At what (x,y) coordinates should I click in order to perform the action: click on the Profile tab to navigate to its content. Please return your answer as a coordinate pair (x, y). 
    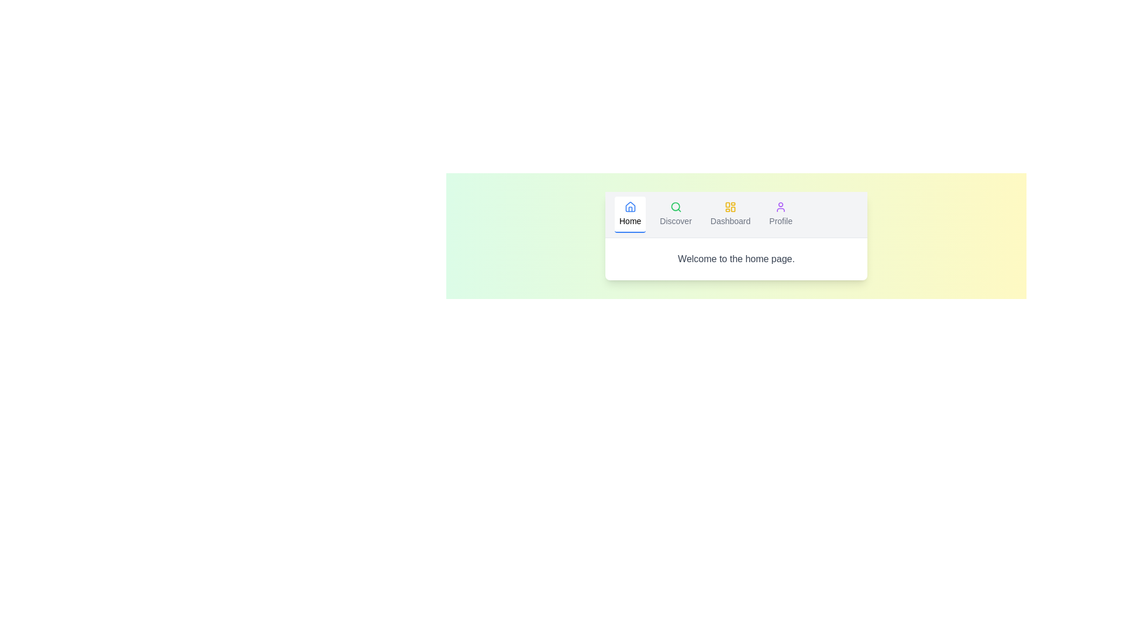
    Looking at the image, I should click on (780, 214).